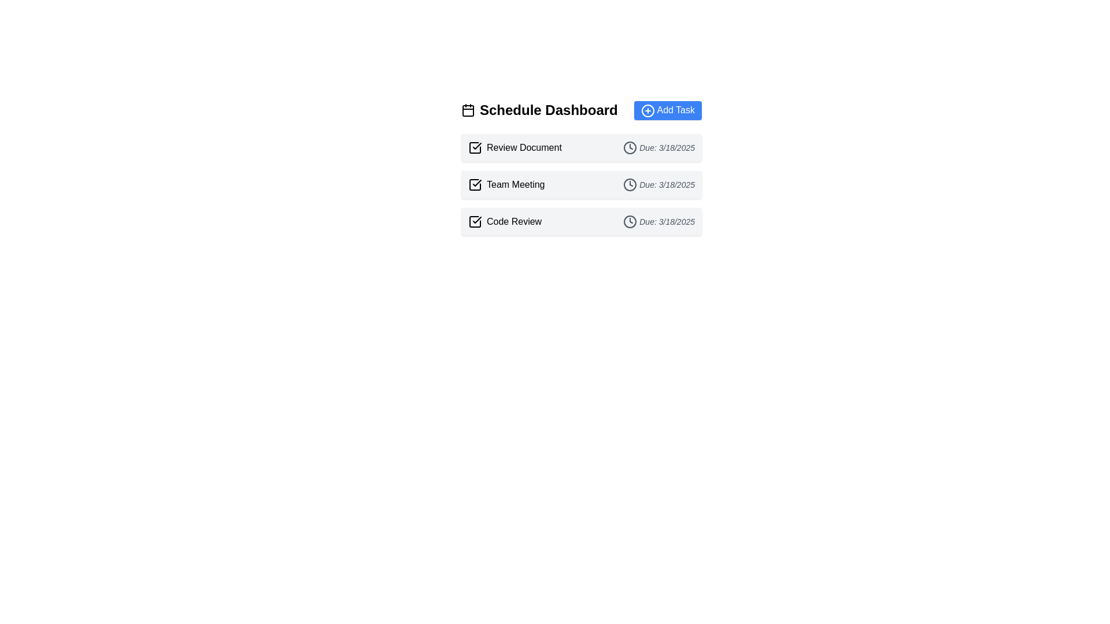 Image resolution: width=1110 pixels, height=624 pixels. Describe the element at coordinates (475, 184) in the screenshot. I see `the interactive checkbox for the 'Team Meeting' task` at that location.